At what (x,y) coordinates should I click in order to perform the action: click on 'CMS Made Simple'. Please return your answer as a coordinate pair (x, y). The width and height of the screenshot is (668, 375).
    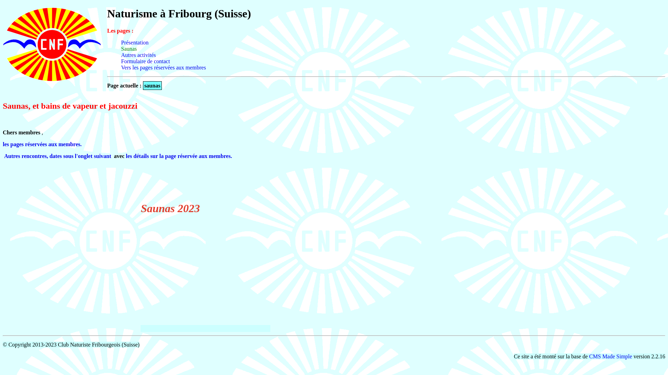
    Looking at the image, I should click on (589, 356).